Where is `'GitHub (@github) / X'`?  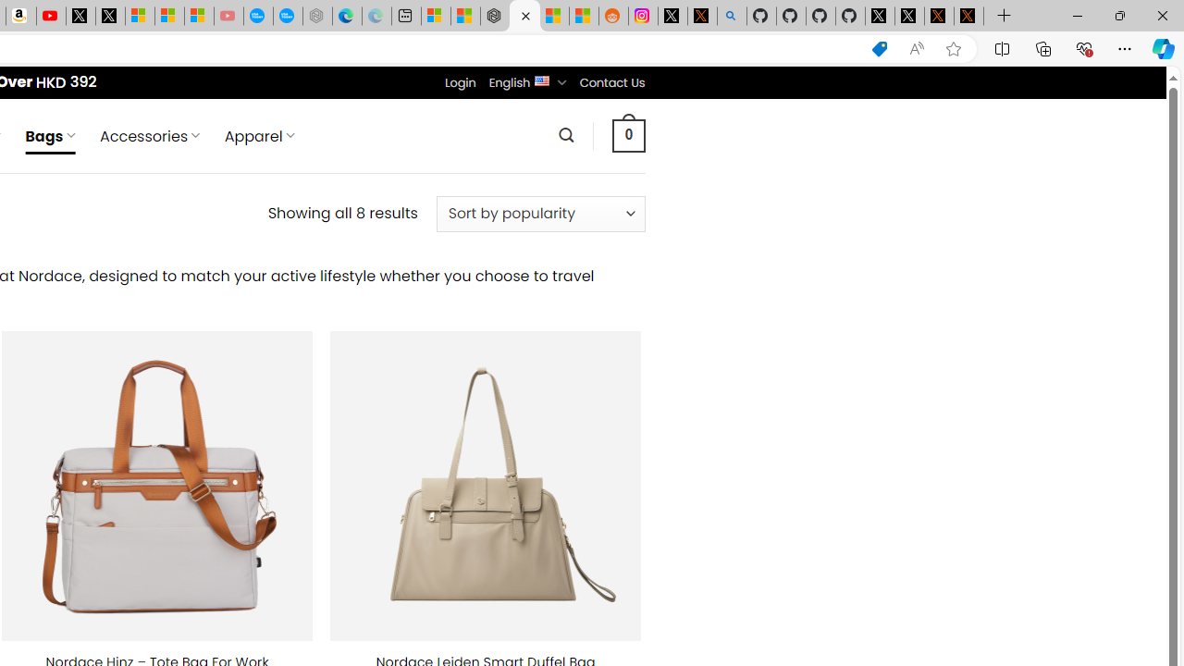
'GitHub (@github) / X' is located at coordinates (909, 16).